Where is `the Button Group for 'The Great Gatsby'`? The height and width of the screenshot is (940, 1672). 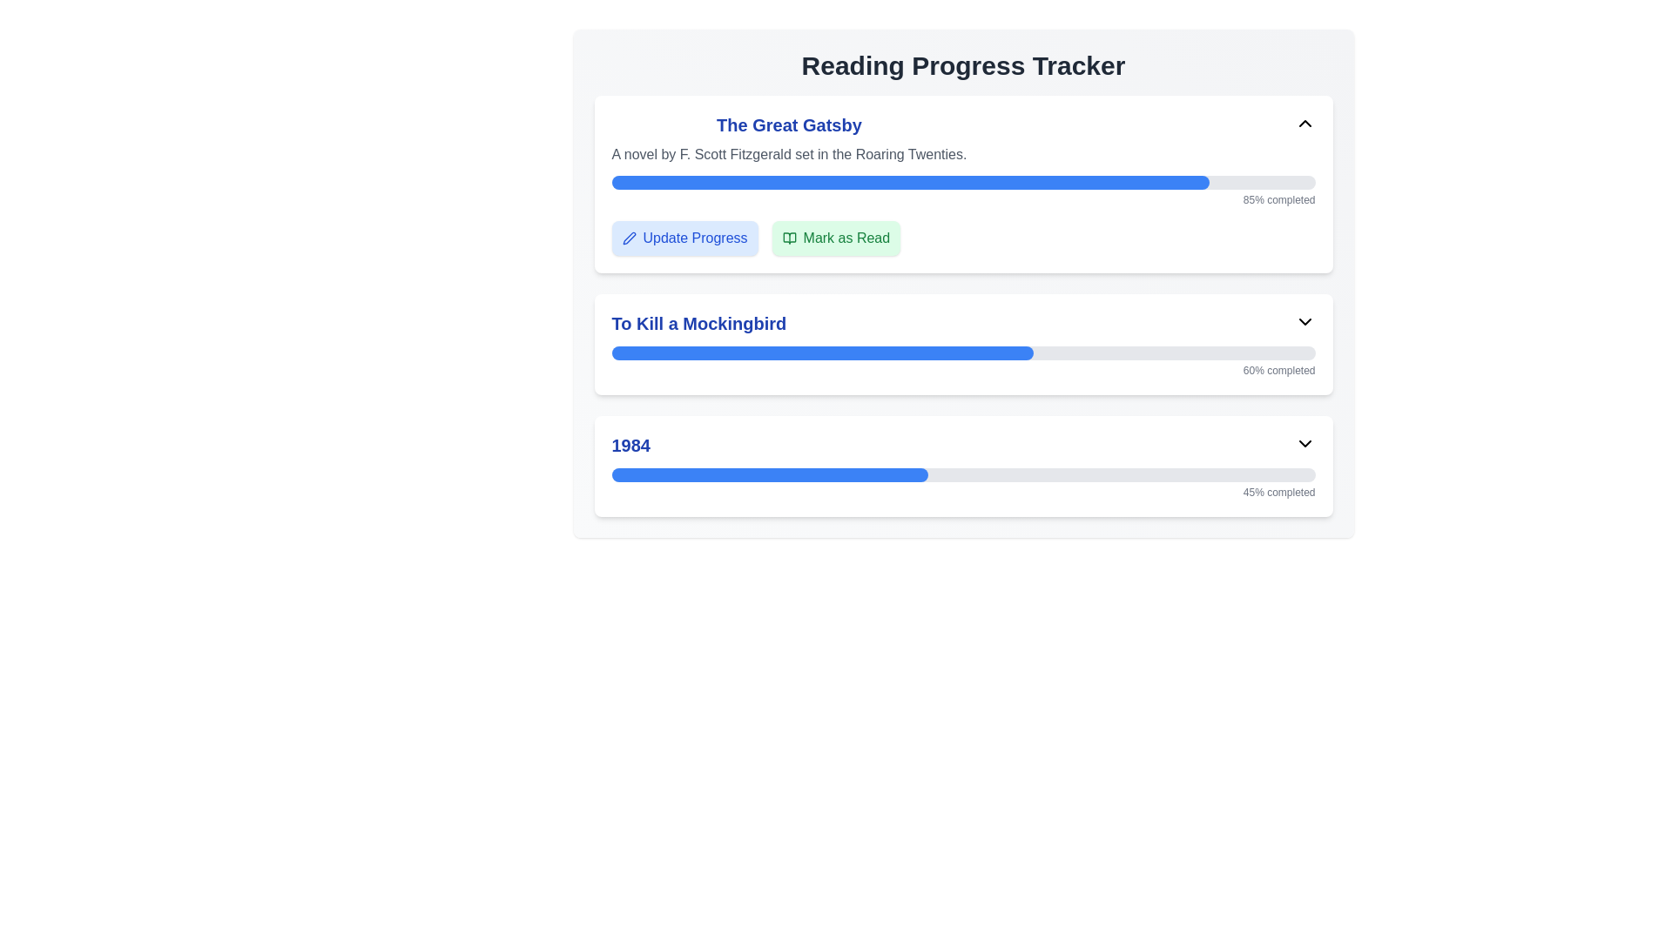
the Button Group for 'The Great Gatsby' is located at coordinates (962, 238).